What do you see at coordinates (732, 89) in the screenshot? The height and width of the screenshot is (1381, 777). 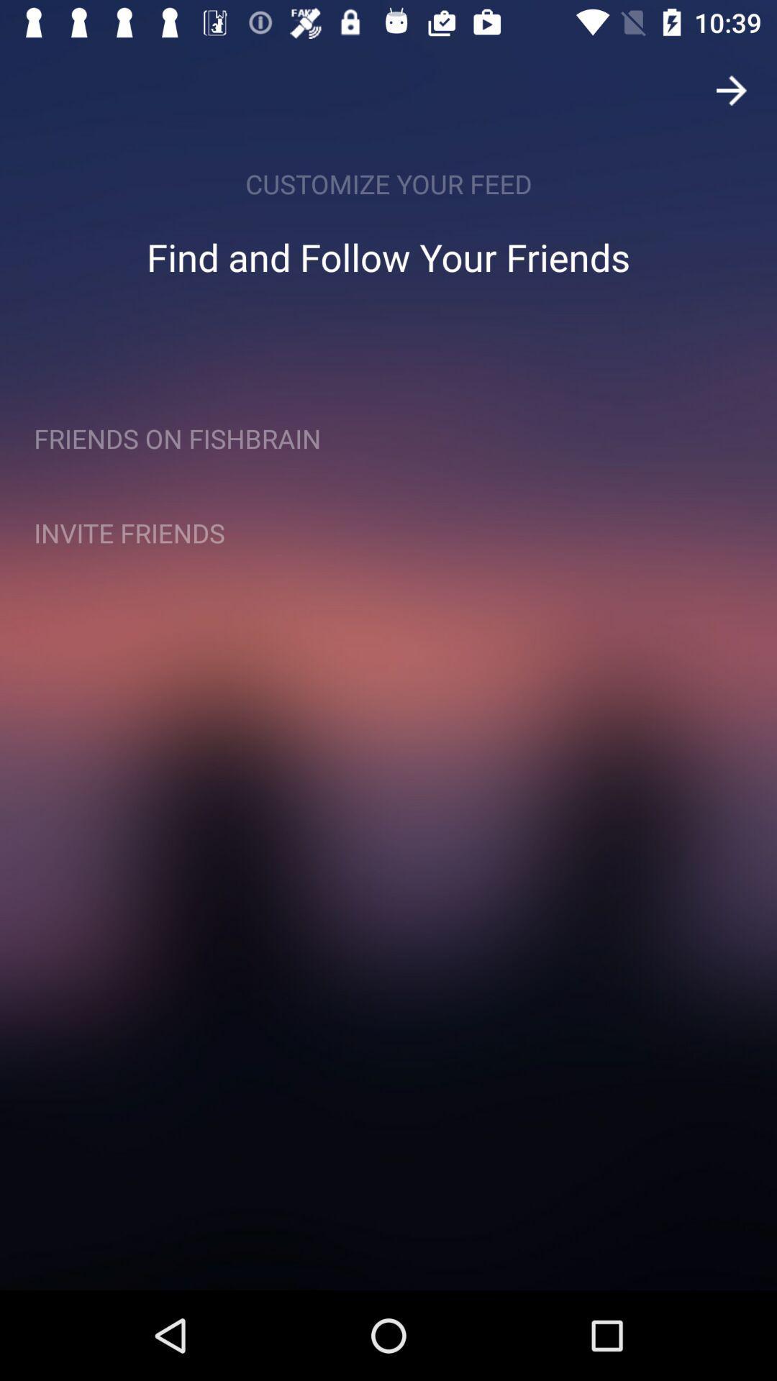 I see `show feed` at bounding box center [732, 89].